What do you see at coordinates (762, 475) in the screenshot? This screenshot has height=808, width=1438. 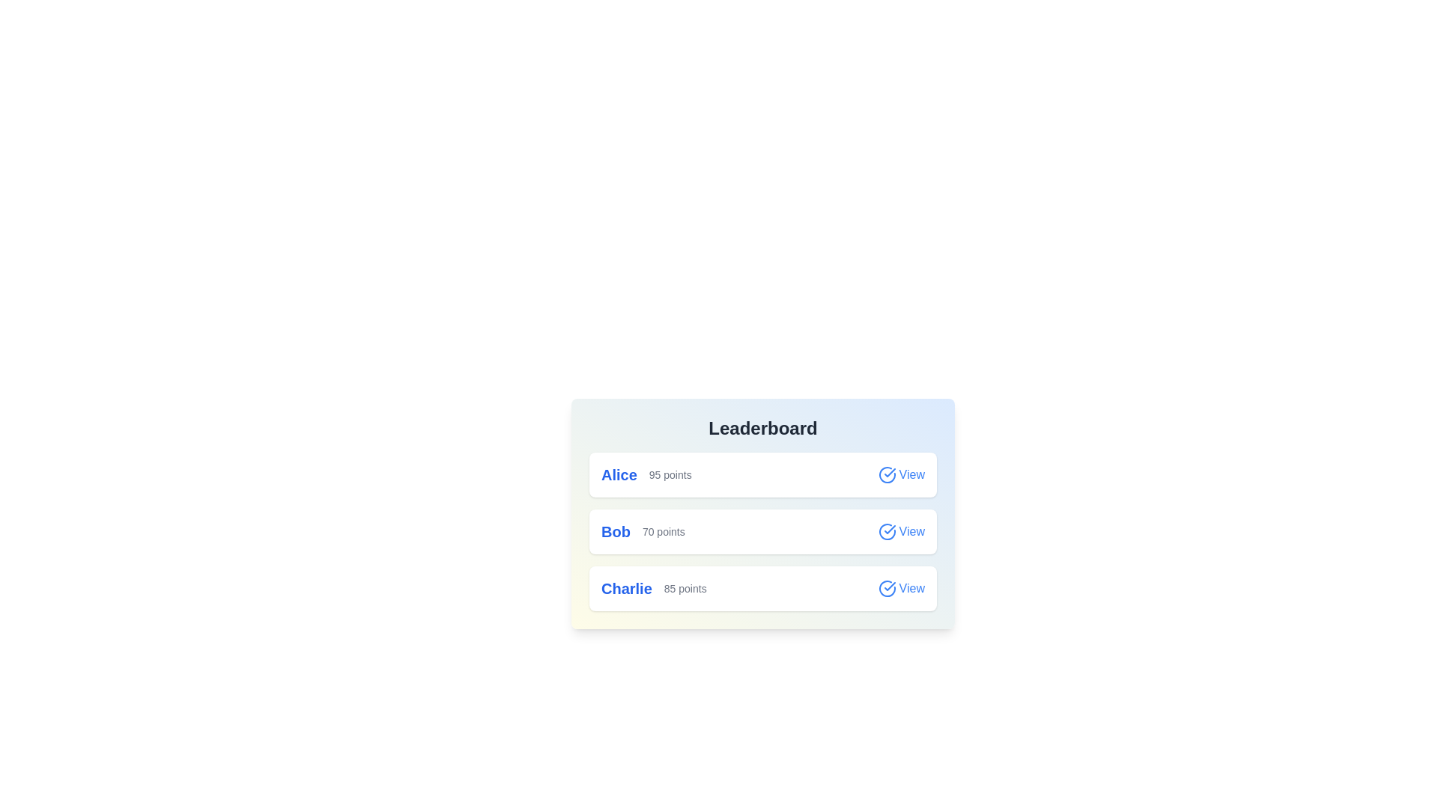 I see `the card of participant Alice to observe the scaling effect` at bounding box center [762, 475].